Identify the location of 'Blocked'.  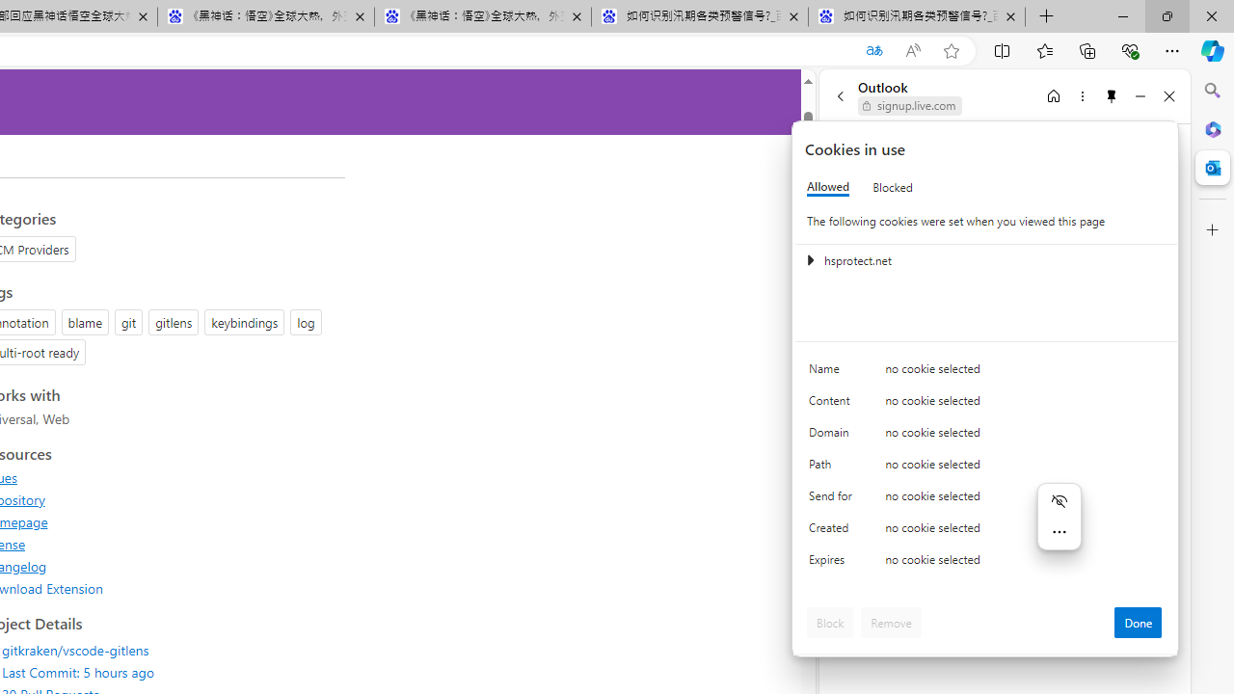
(892, 187).